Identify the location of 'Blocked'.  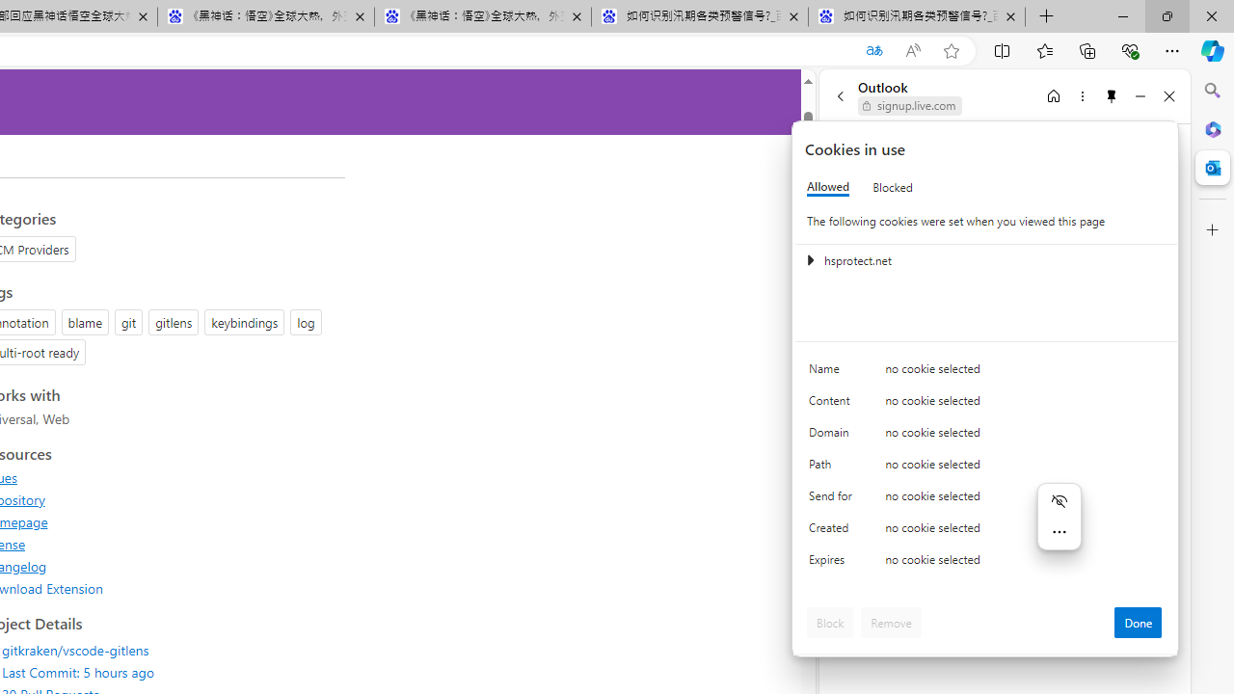
(892, 187).